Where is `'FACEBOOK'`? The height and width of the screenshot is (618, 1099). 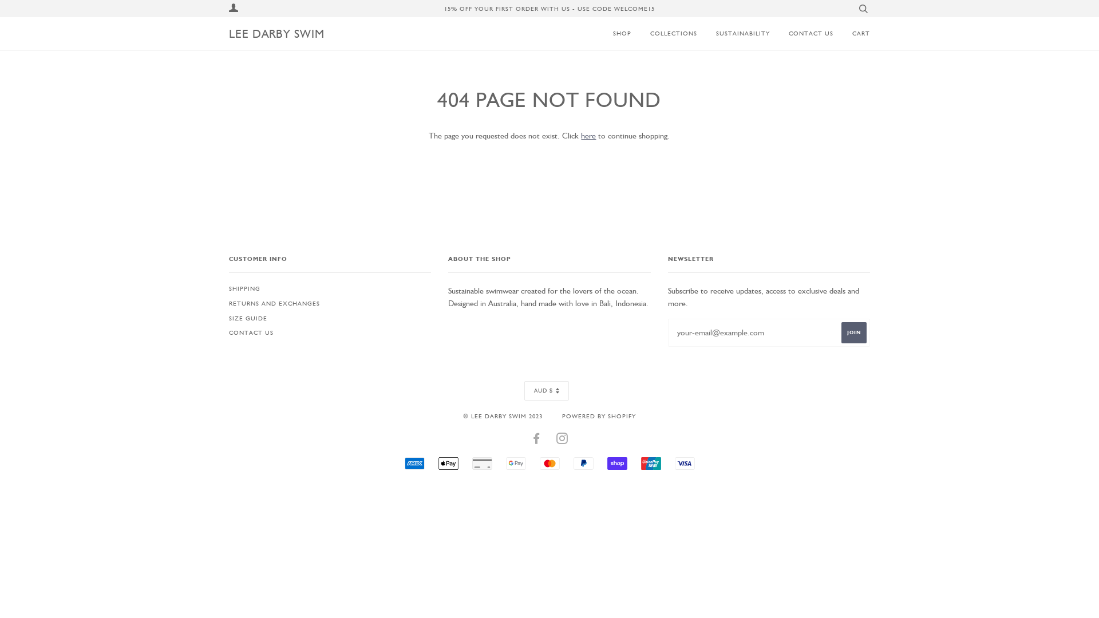
'FACEBOOK' is located at coordinates (536, 440).